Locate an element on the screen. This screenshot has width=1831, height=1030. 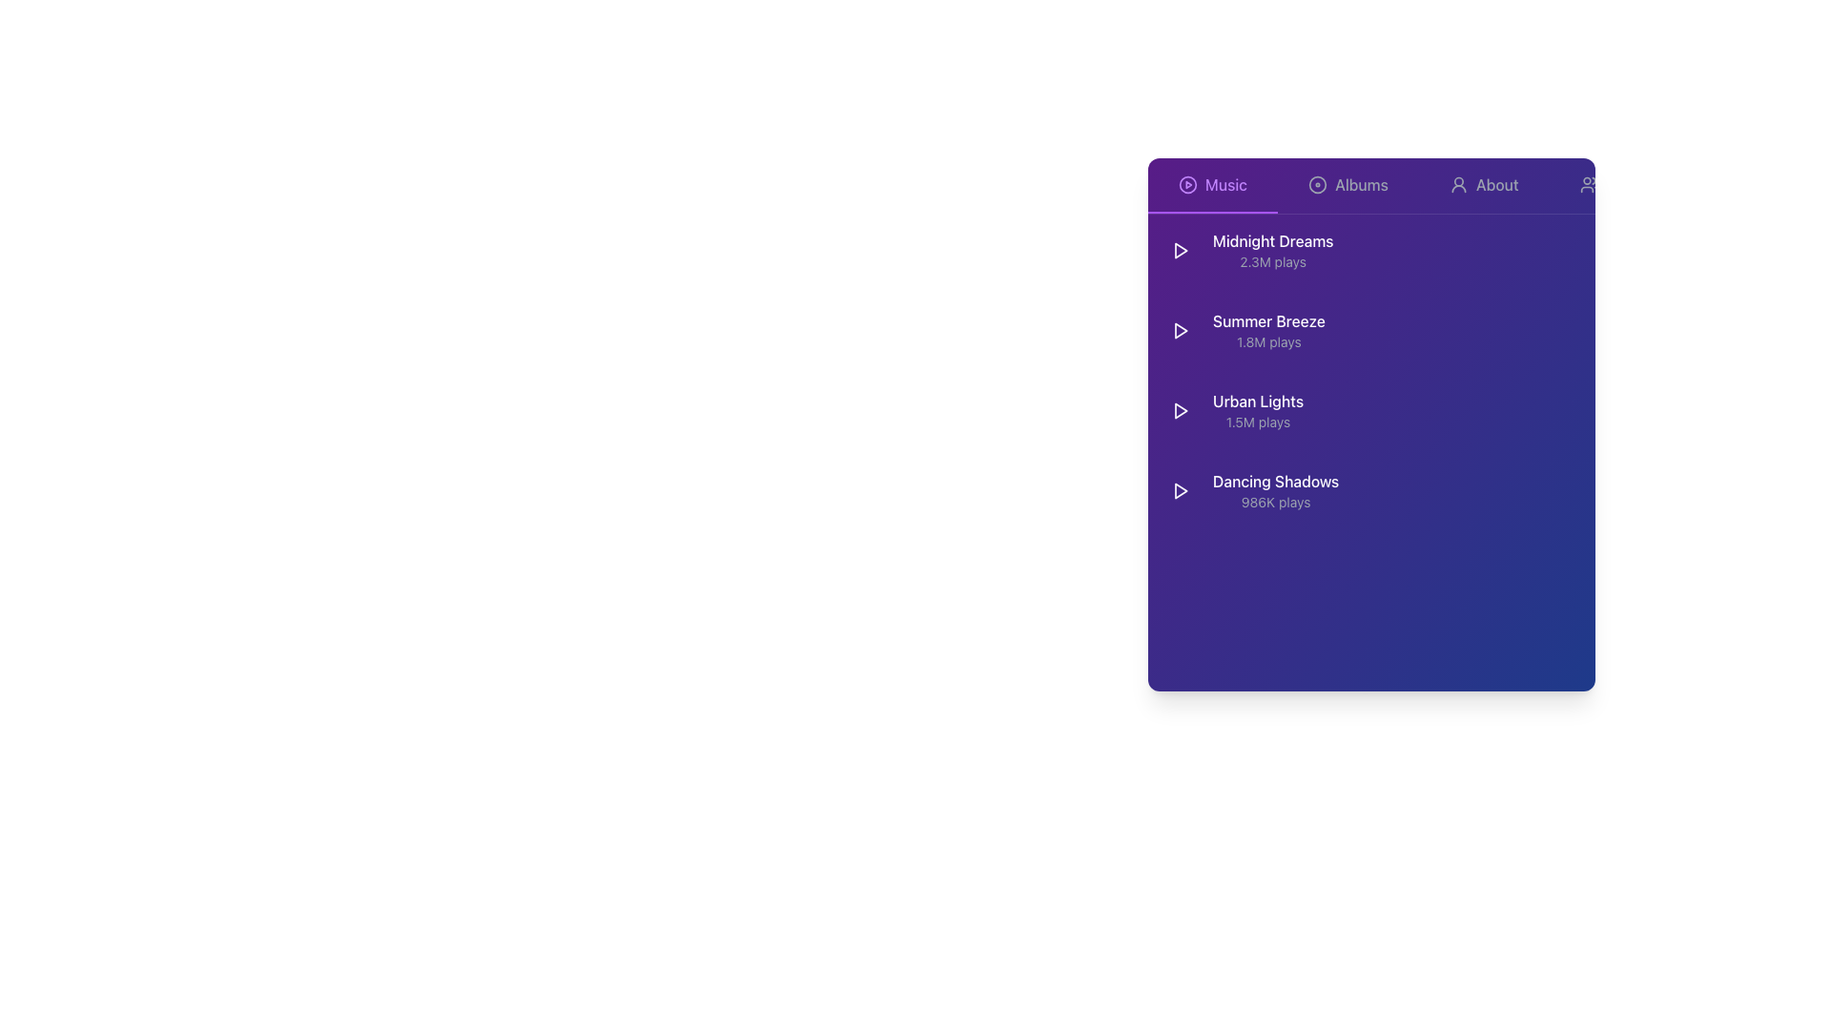
the text label displaying '2.3M plays', which is styled with a gray font and located below the title 'Midnight Dreams' is located at coordinates (1273, 261).